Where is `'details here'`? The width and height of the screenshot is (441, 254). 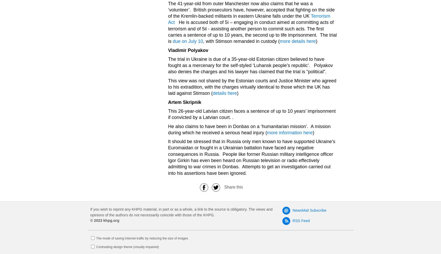 'details here' is located at coordinates (224, 93).